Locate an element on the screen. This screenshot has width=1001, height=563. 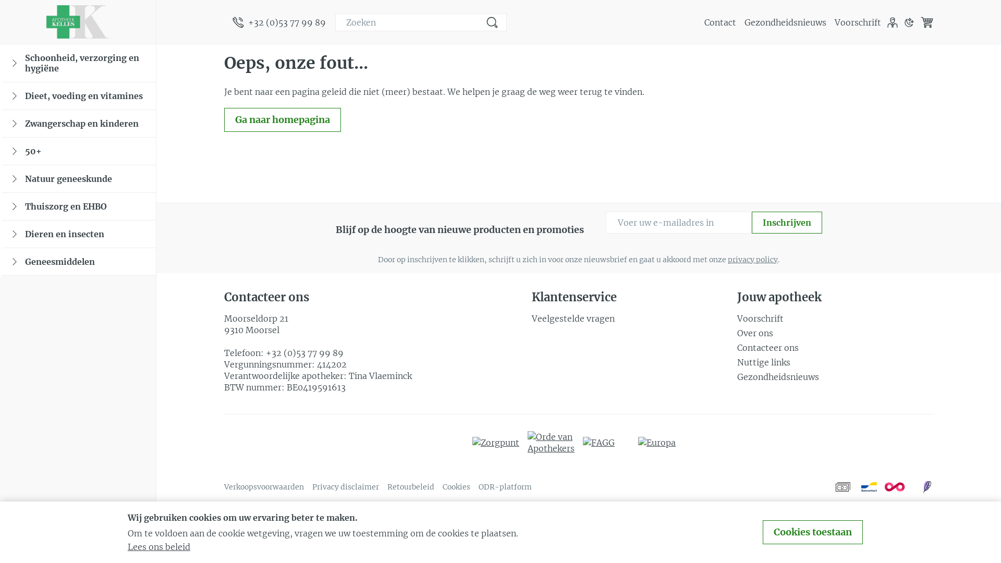
'Lees ons beleid' is located at coordinates (127, 546).